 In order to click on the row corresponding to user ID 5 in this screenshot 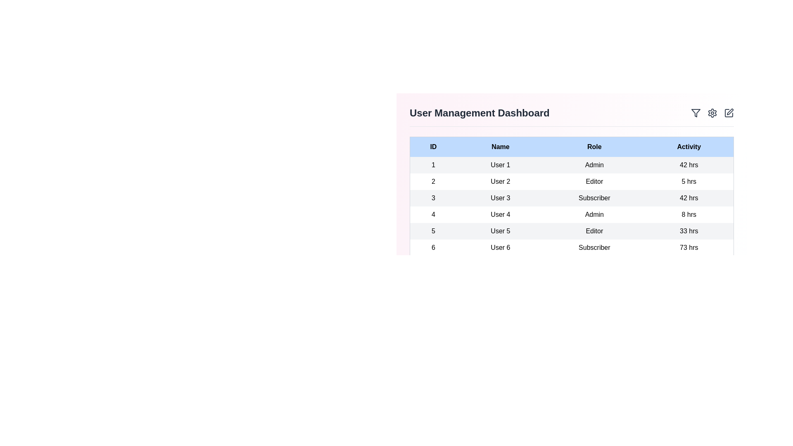, I will do `click(571, 231)`.